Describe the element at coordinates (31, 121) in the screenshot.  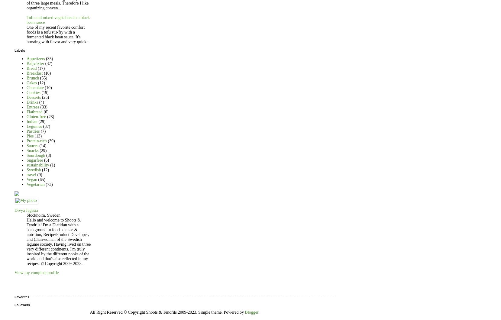
I see `'Indian'` at that location.